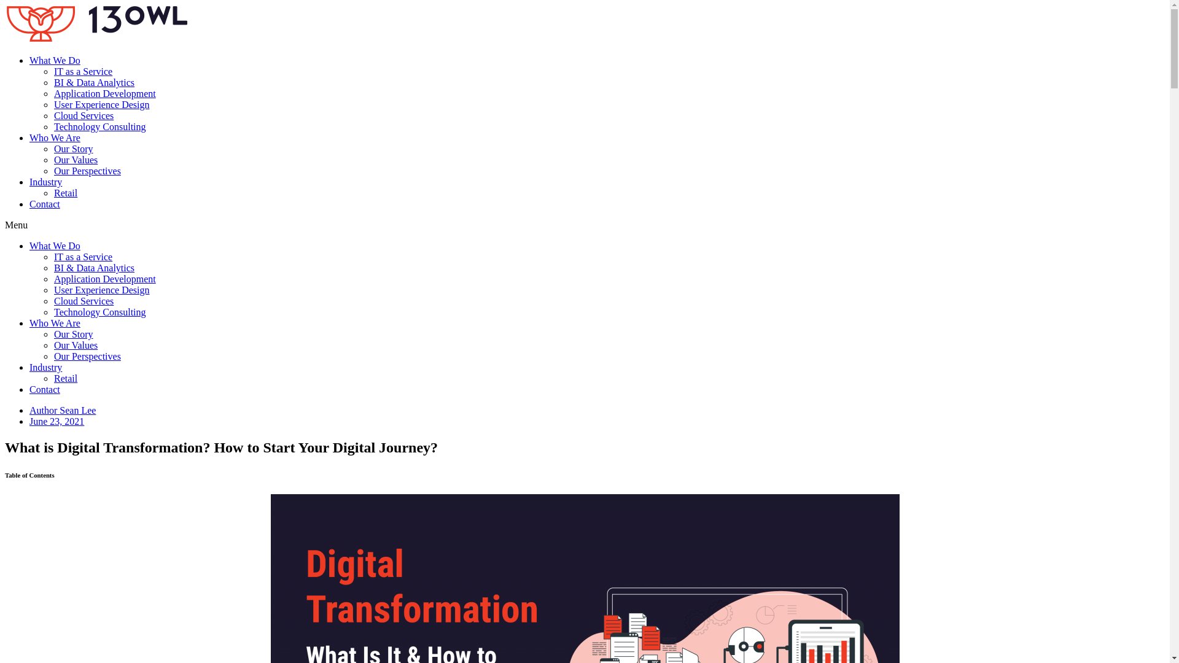 Image resolution: width=1179 pixels, height=663 pixels. Describe the element at coordinates (54, 138) in the screenshot. I see `'Who We Are'` at that location.